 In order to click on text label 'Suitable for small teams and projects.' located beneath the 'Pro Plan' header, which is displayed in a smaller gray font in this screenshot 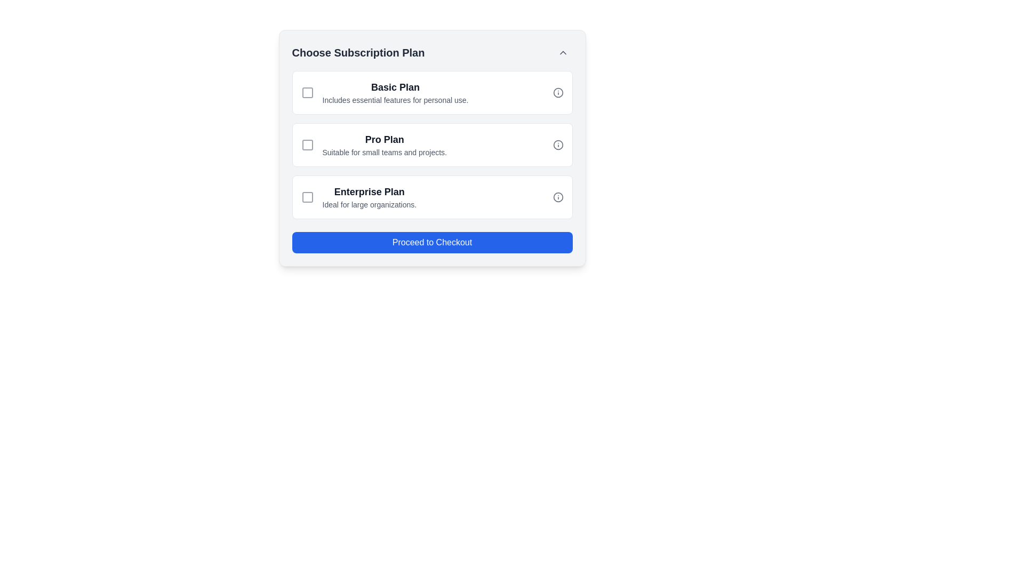, I will do `click(384, 152)`.